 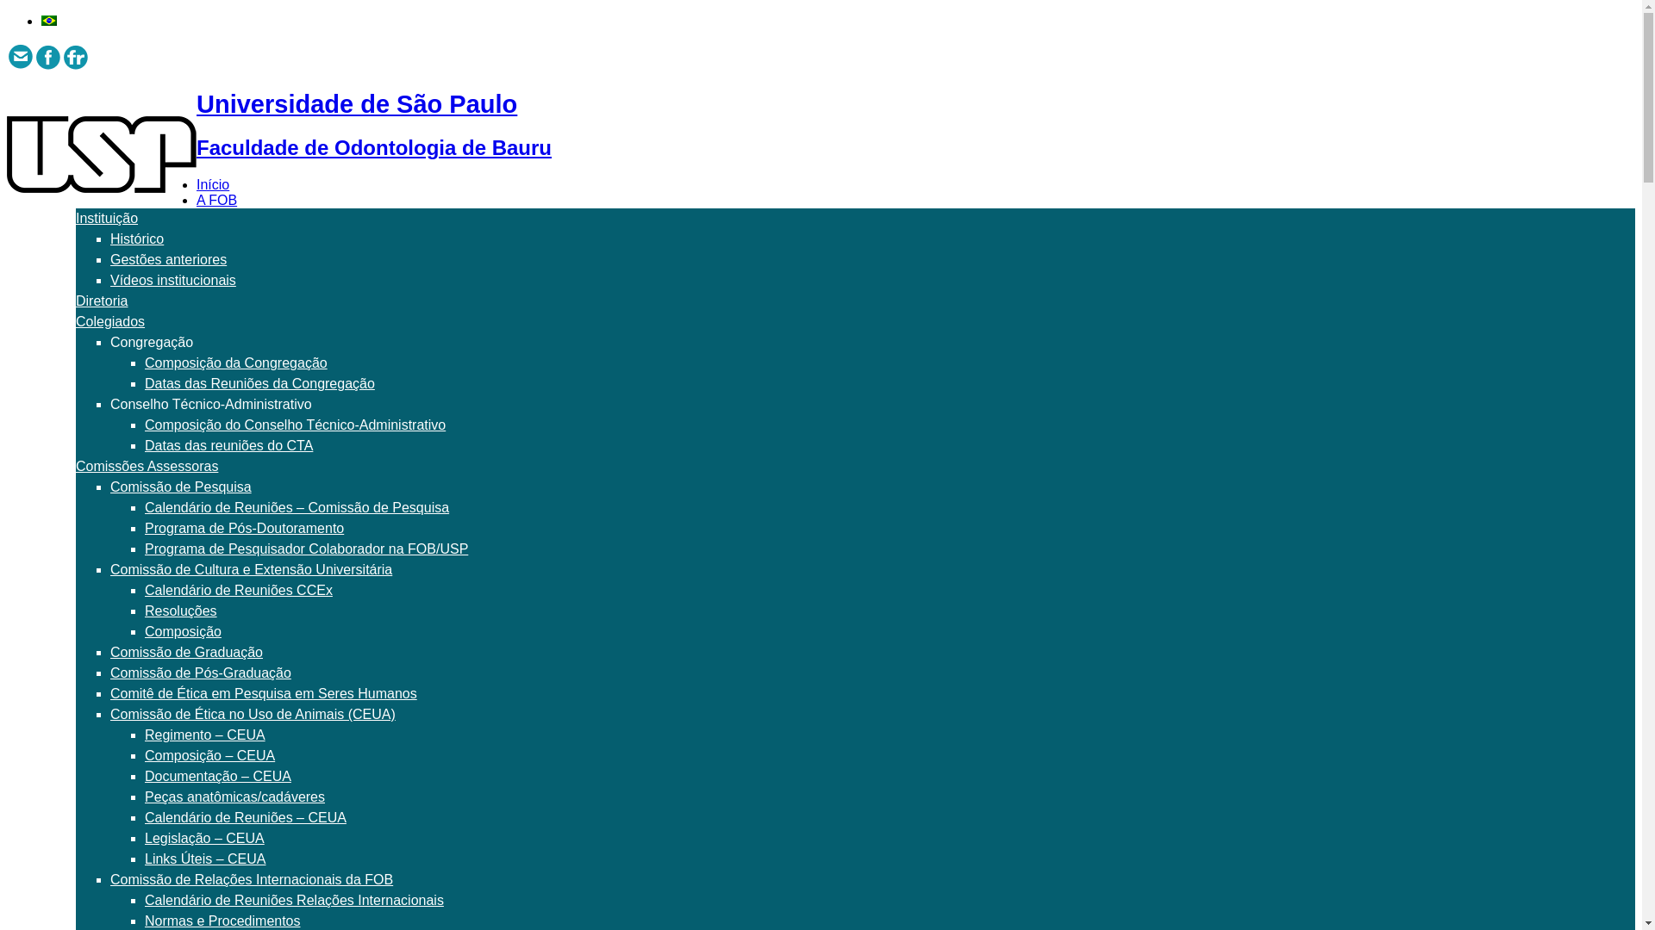 What do you see at coordinates (48, 55) in the screenshot?
I see `'Facebook'` at bounding box center [48, 55].